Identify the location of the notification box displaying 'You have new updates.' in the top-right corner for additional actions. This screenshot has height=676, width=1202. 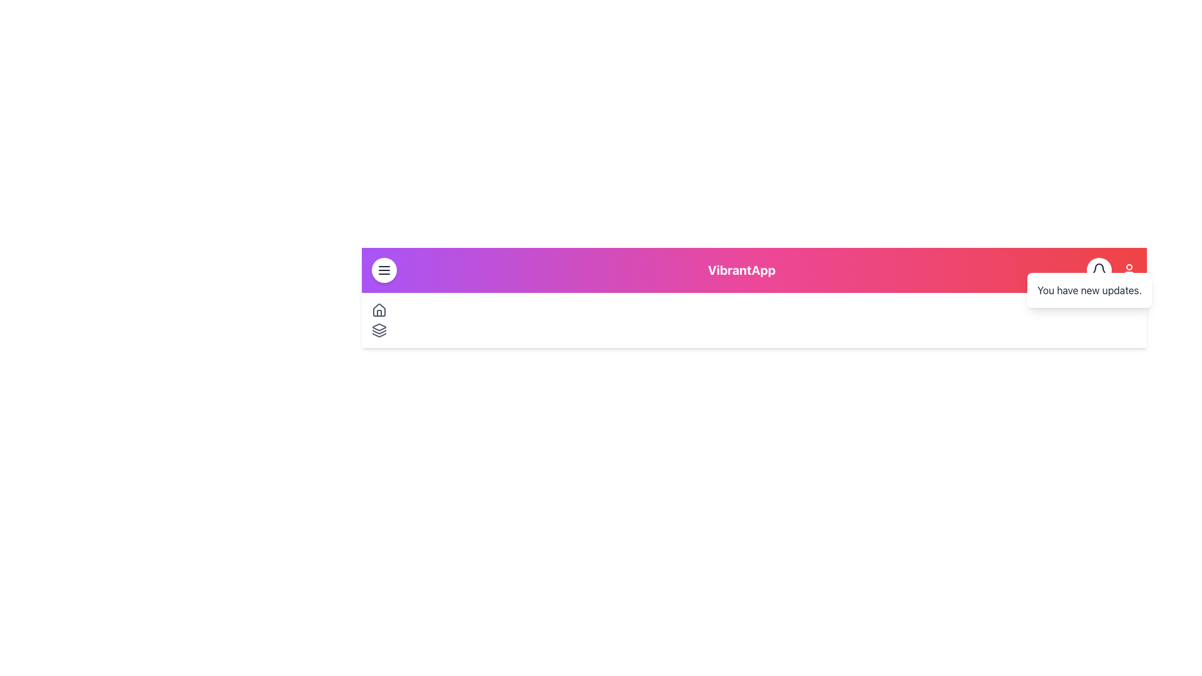
(1089, 290).